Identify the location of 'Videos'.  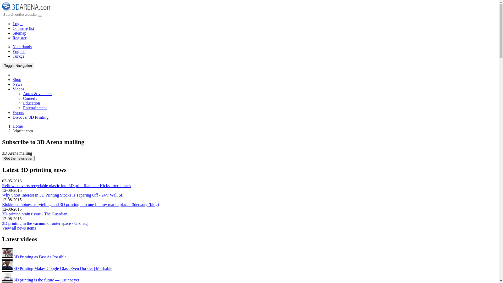
(13, 89).